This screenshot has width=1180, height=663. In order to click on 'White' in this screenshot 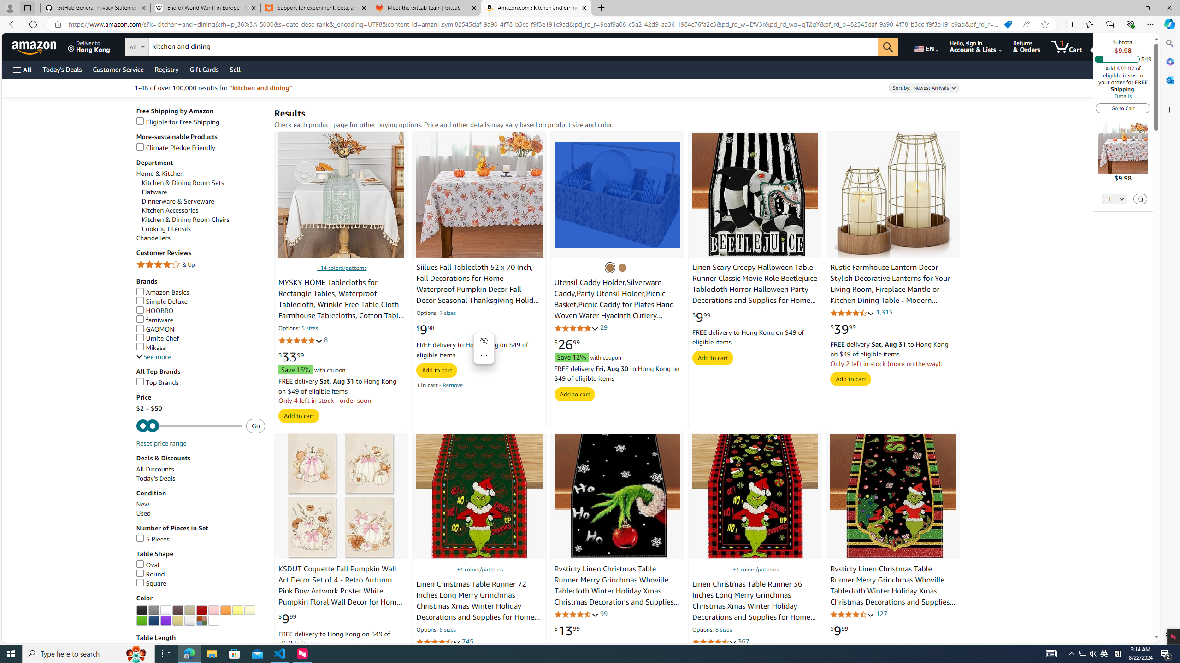, I will do `click(165, 610)`.